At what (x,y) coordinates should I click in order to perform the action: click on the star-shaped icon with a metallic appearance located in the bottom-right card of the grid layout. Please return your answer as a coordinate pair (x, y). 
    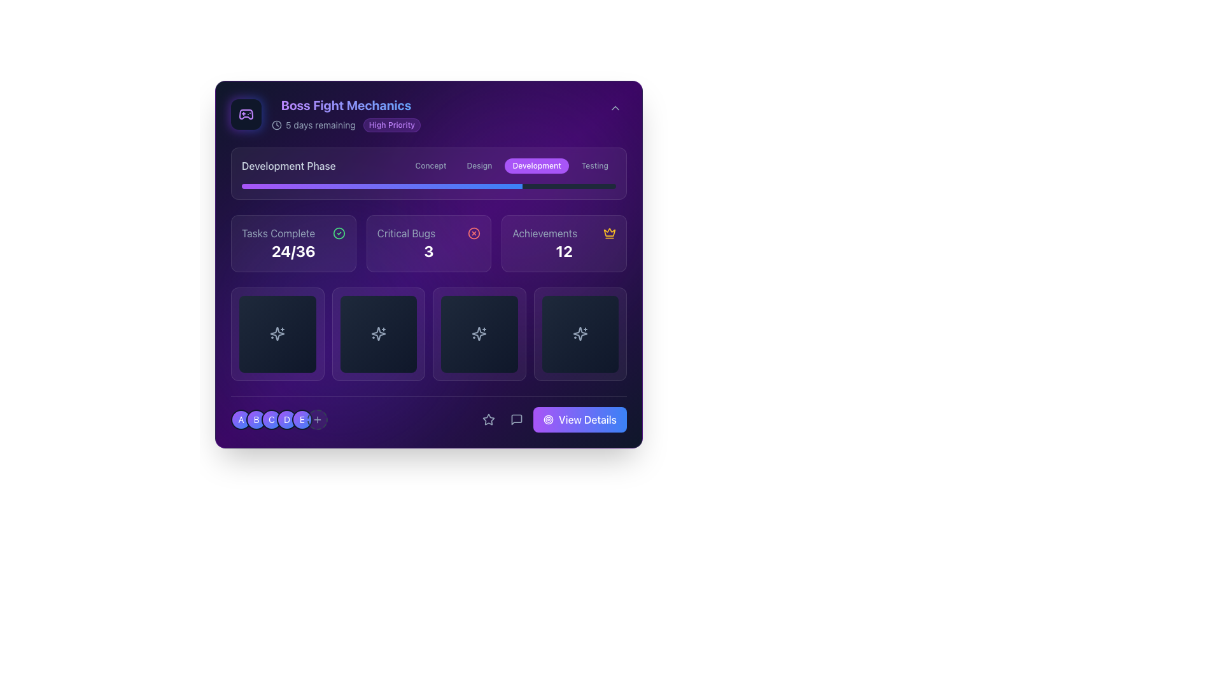
    Looking at the image, I should click on (579, 333).